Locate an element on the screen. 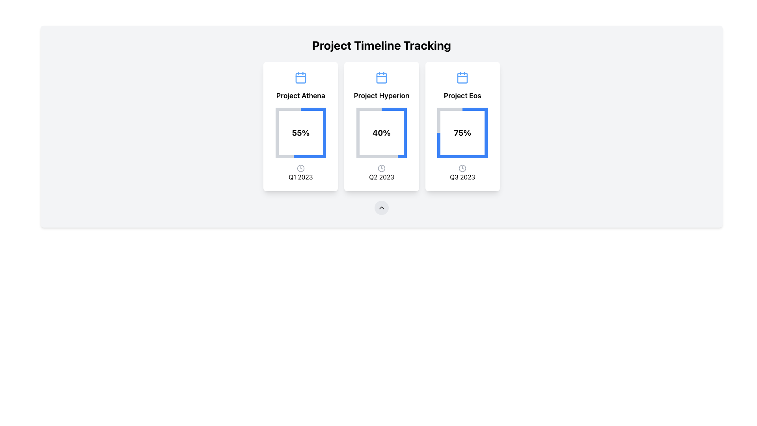 The height and width of the screenshot is (426, 757). the compact SVG clock icon located in the first card titled 'Project Athena', positioned towards the lower section adjacent to 'Q1 2023' is located at coordinates (300, 168).